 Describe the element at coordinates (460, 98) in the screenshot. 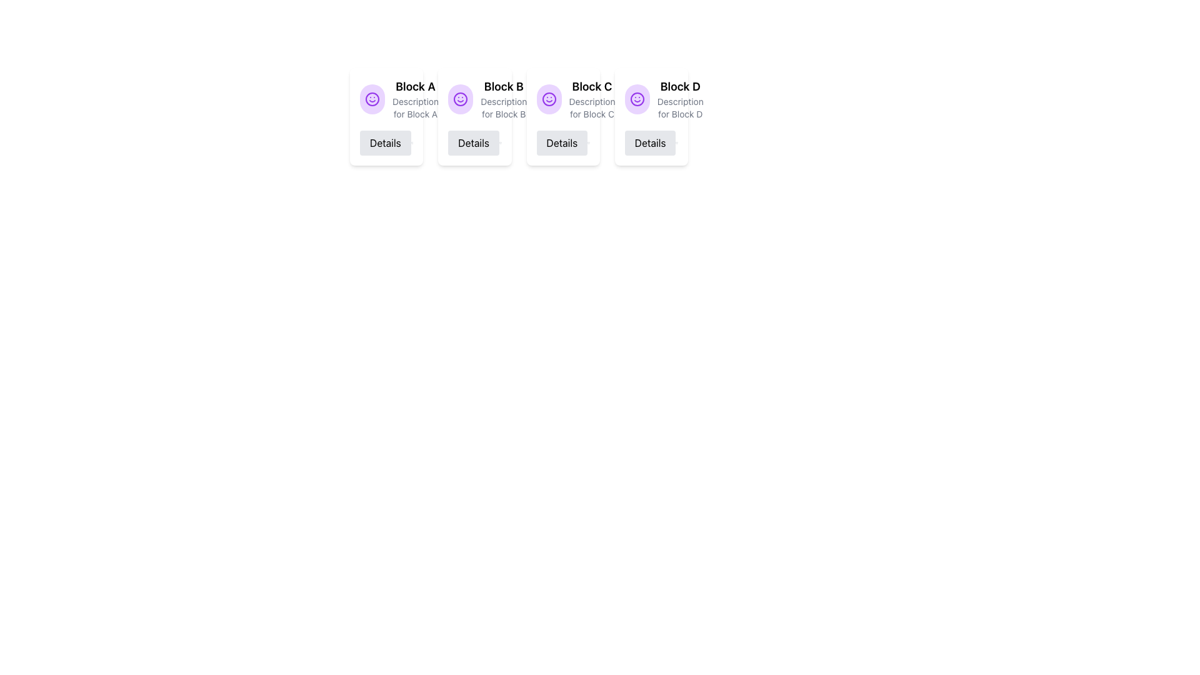

I see `the circular icon representing the 'Block B' card located at the leftmost part of the card` at that location.